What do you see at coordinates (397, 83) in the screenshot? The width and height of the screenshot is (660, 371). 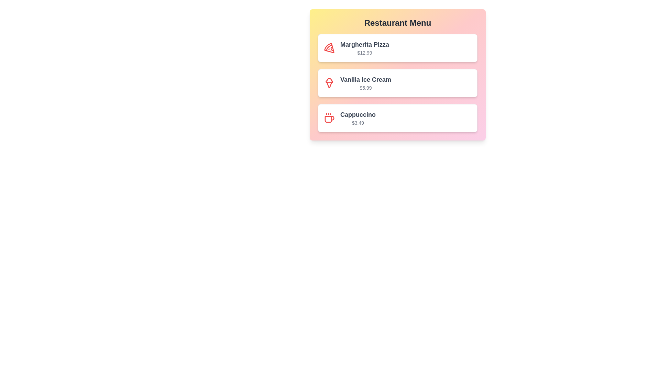 I see `the menu item corresponding to Vanilla Ice Cream` at bounding box center [397, 83].